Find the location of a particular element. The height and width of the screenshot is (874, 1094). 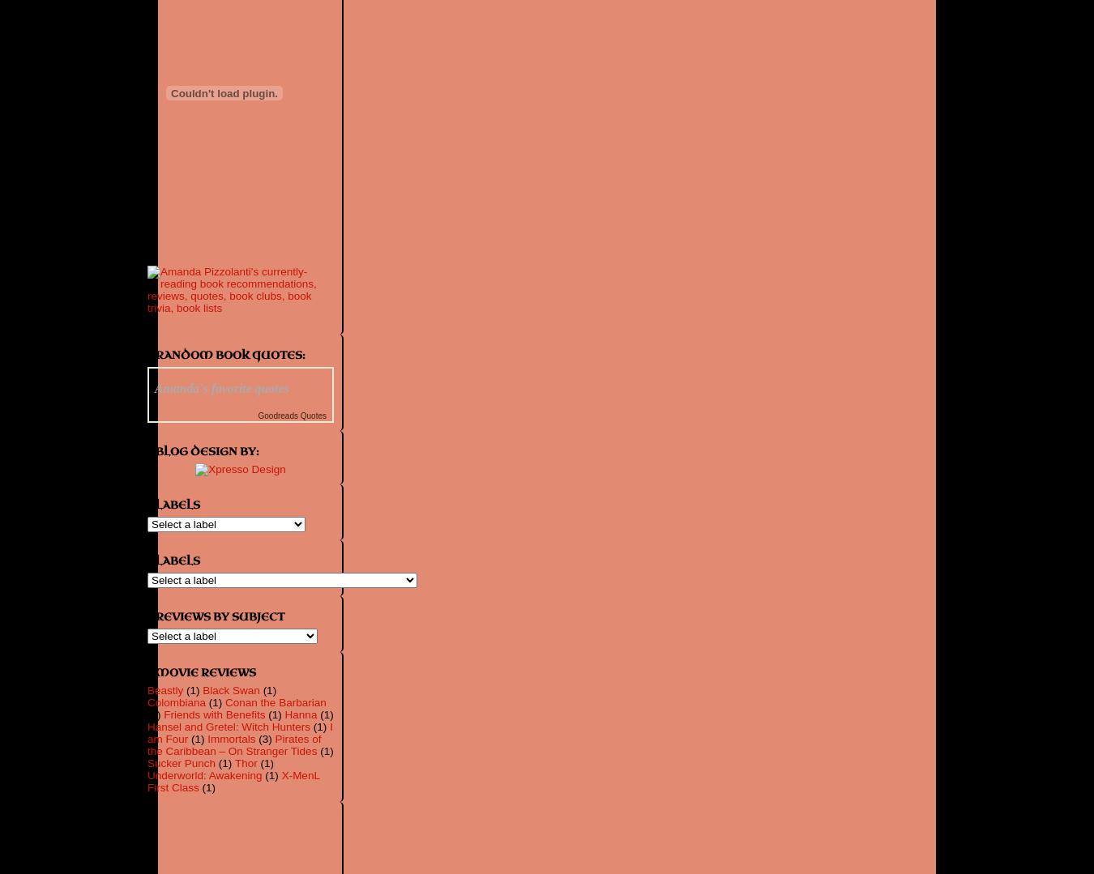

'Black Swan' is located at coordinates (202, 690).